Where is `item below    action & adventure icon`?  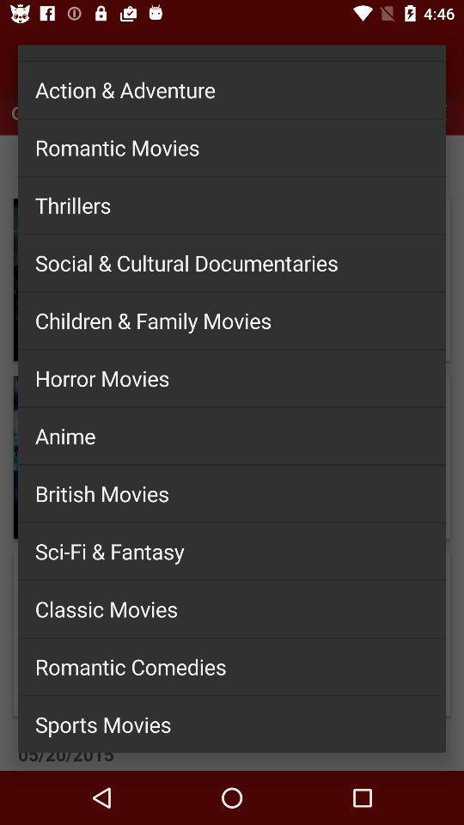 item below    action & adventure icon is located at coordinates (232, 146).